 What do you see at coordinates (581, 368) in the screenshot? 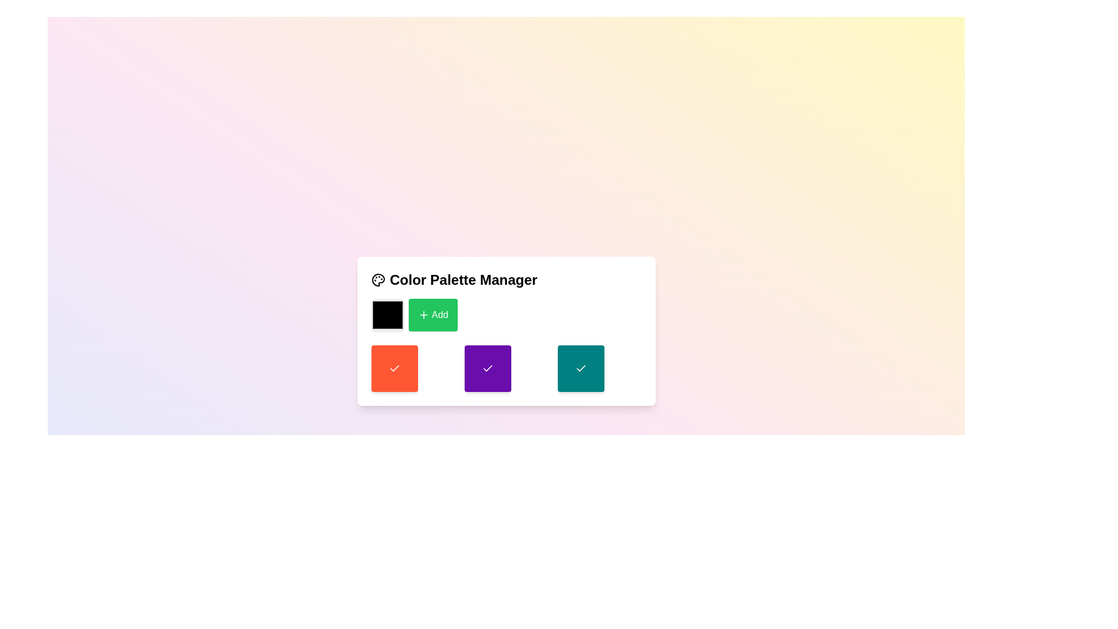
I see `the teal-colored icon in the bottom-right corner of the 'Color Palette Manager' layout, which is the fourth square from the left, to indicate selection or confirmation` at bounding box center [581, 368].